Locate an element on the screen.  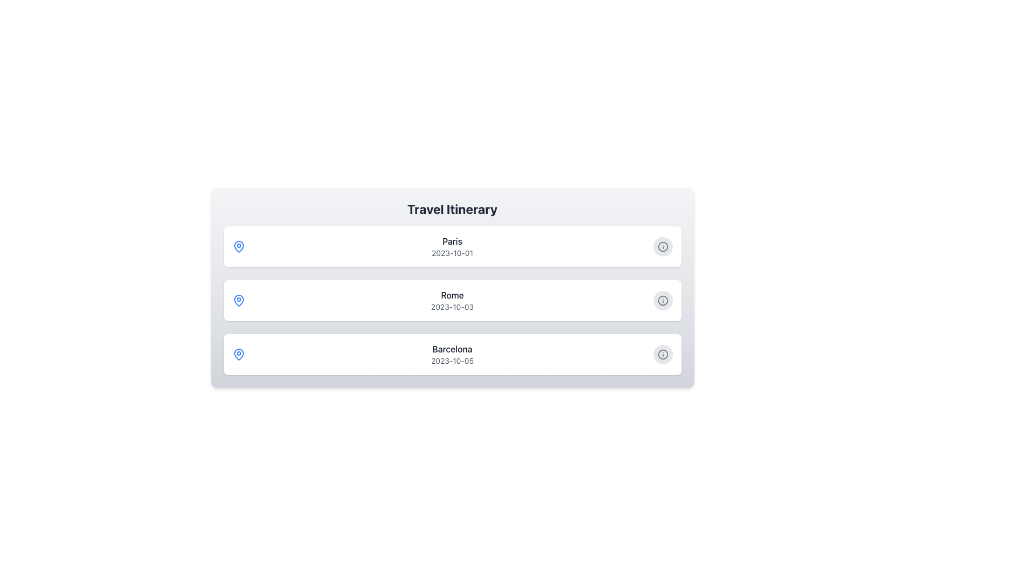
displayed text of the itinerary item for 'Rome' dated '2023-10-03', which is located in the middle of a list between entries for 'Paris' and 'Barcelona' is located at coordinates (452, 301).